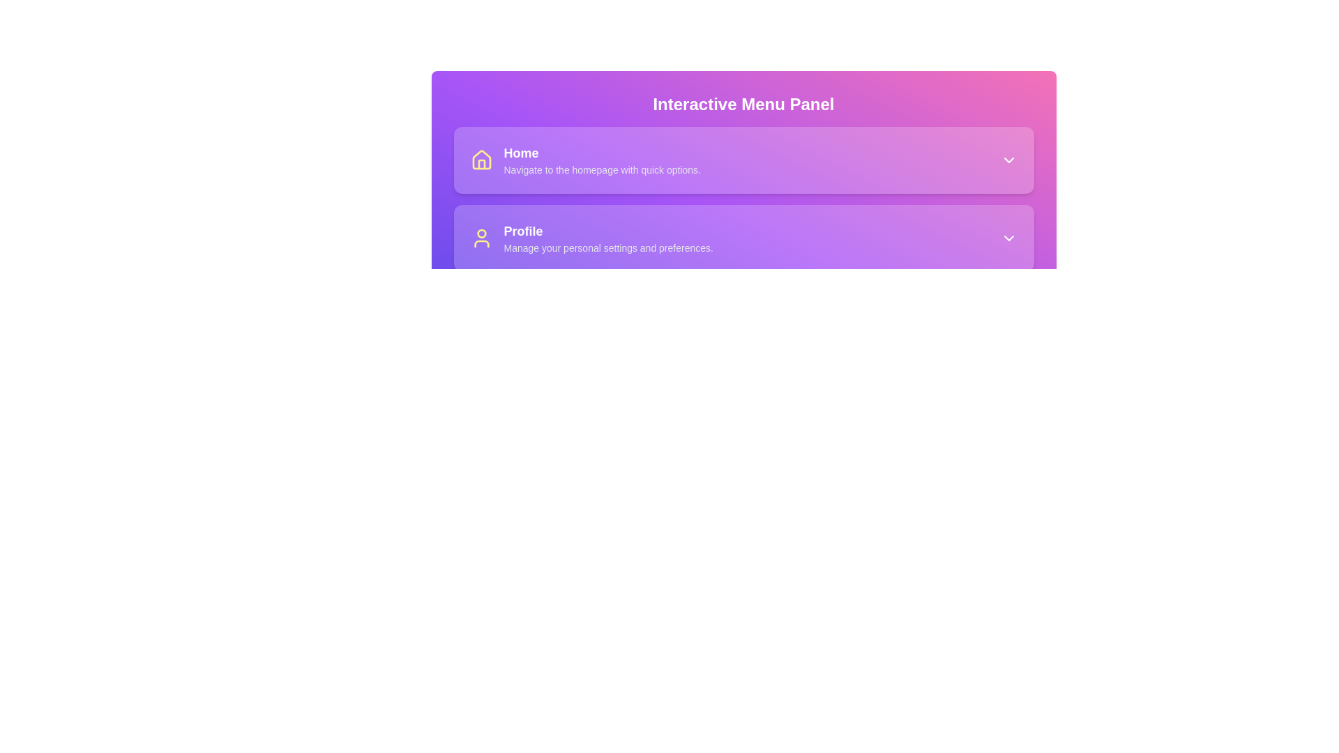 This screenshot has width=1339, height=753. I want to click on the decorative SVG circle located in the Profile section of the interface, which is part of the user icon depicting a person, so click(481, 233).